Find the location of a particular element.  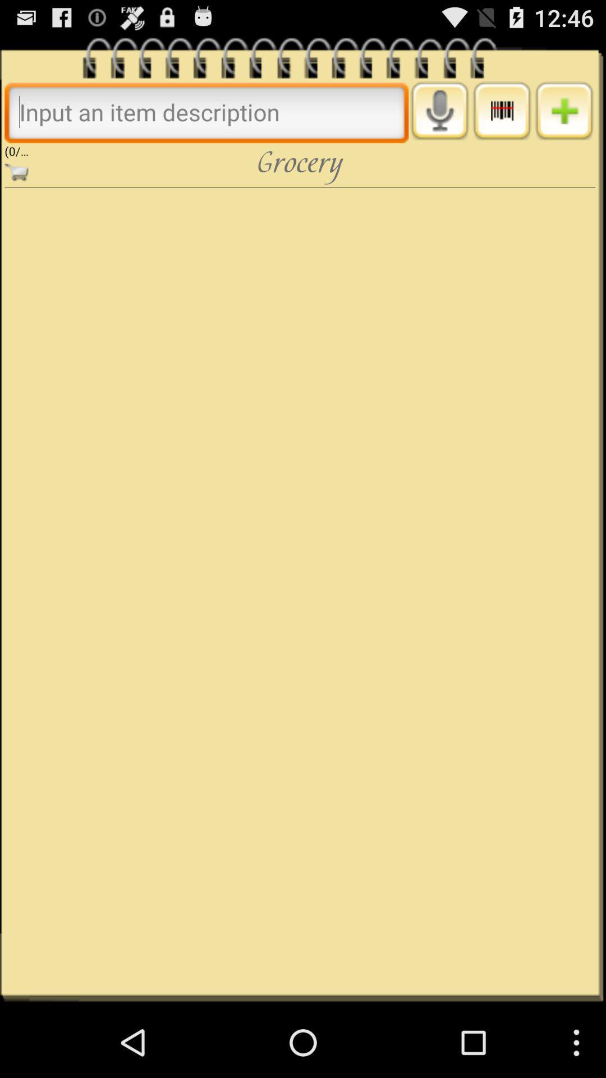

search bar is located at coordinates (206, 112).